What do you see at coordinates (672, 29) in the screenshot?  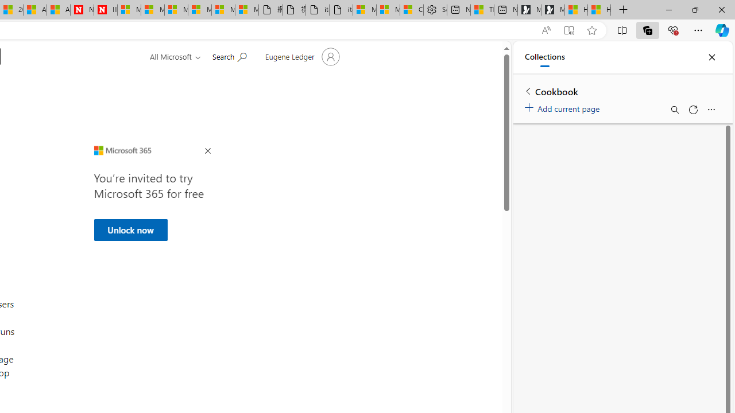 I see `'Browser essentials'` at bounding box center [672, 29].